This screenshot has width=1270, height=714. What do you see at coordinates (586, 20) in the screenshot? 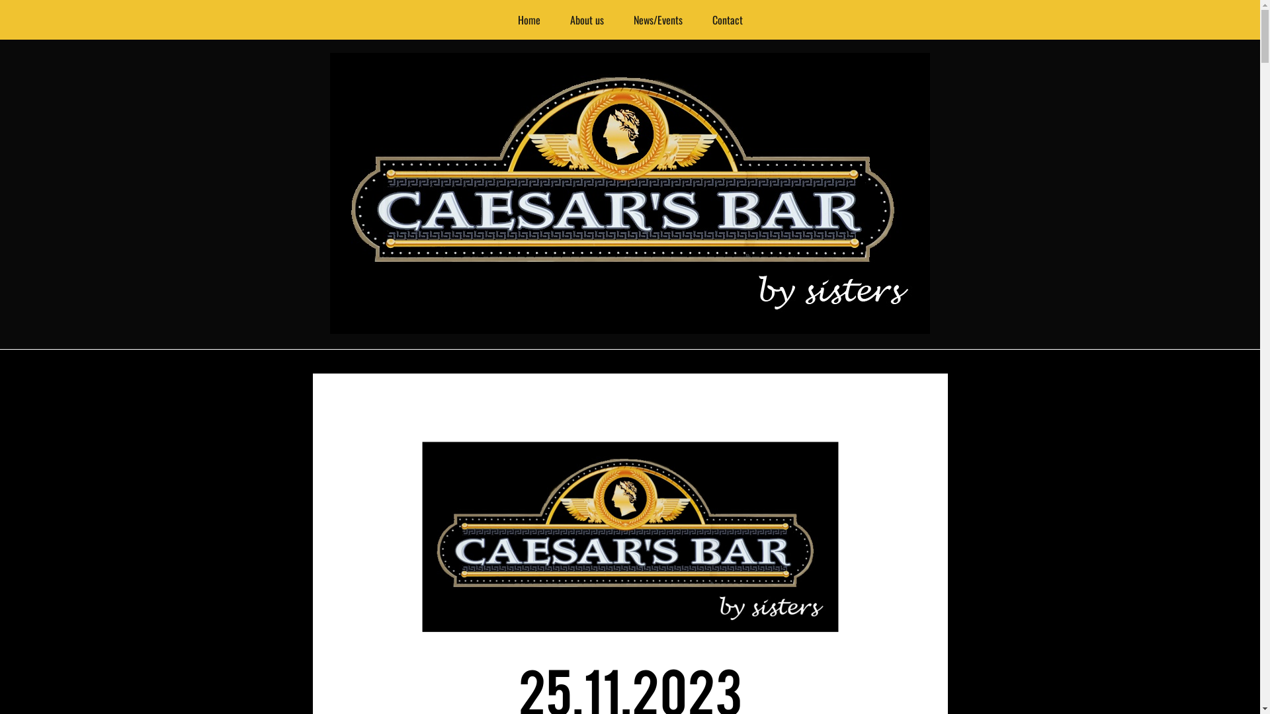
I see `'About us'` at bounding box center [586, 20].